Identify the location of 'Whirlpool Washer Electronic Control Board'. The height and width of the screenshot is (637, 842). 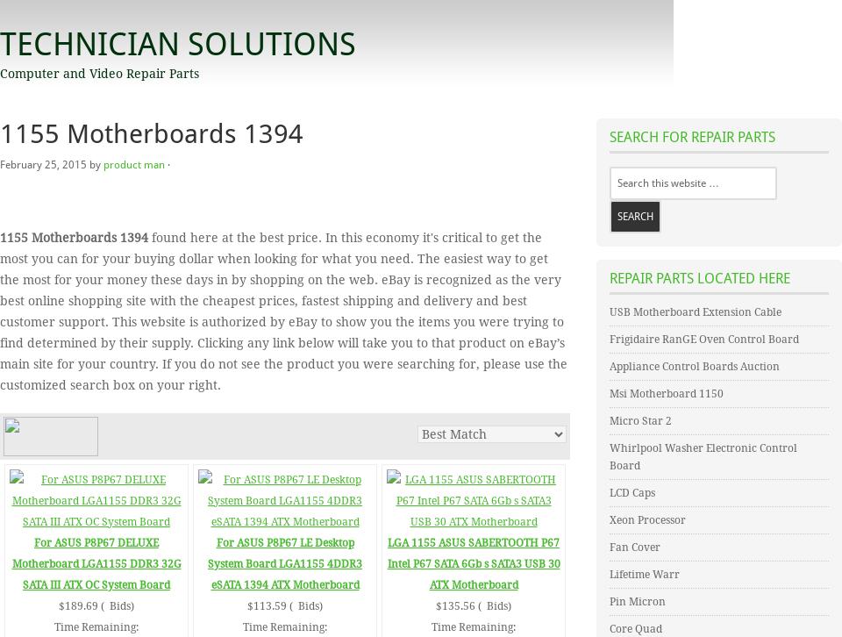
(703, 456).